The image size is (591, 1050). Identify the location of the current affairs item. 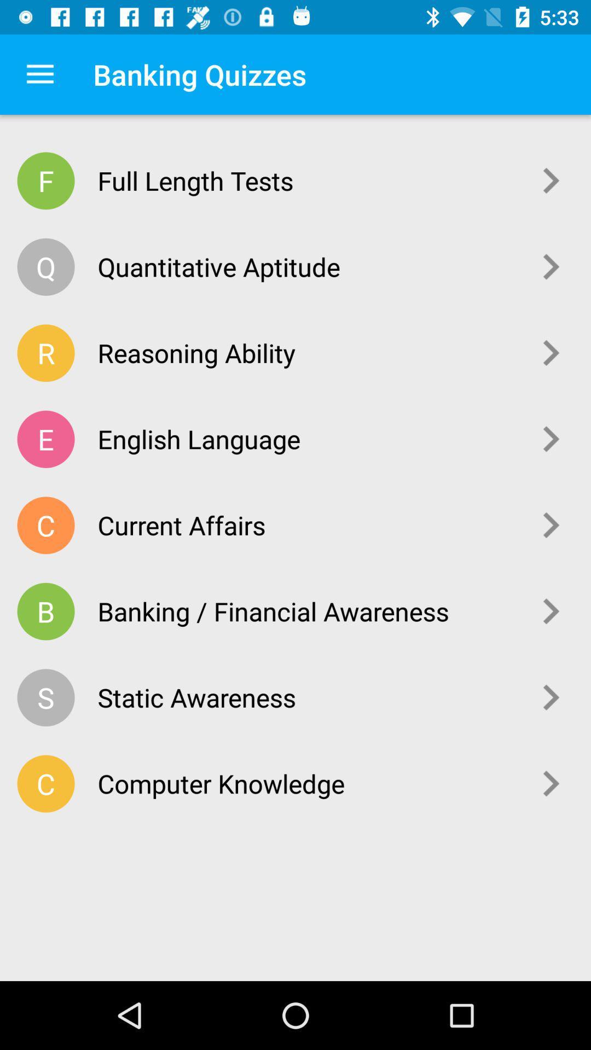
(307, 525).